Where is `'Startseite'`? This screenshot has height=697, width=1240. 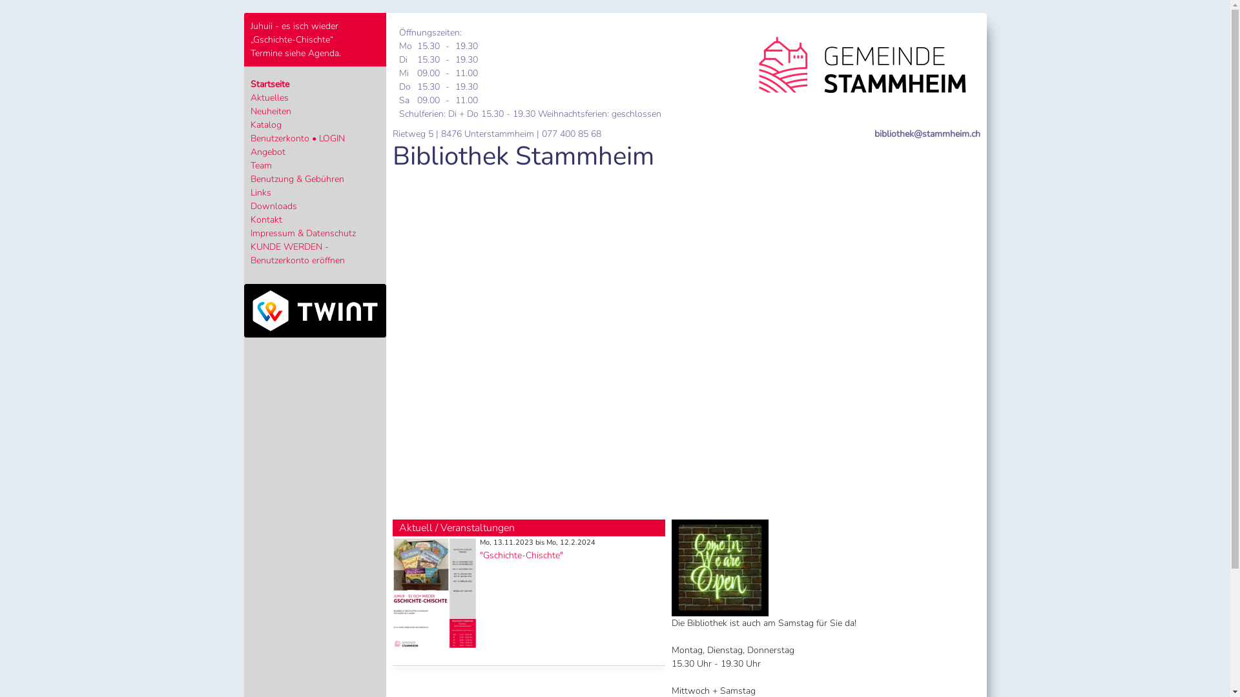
'Startseite' is located at coordinates (269, 84).